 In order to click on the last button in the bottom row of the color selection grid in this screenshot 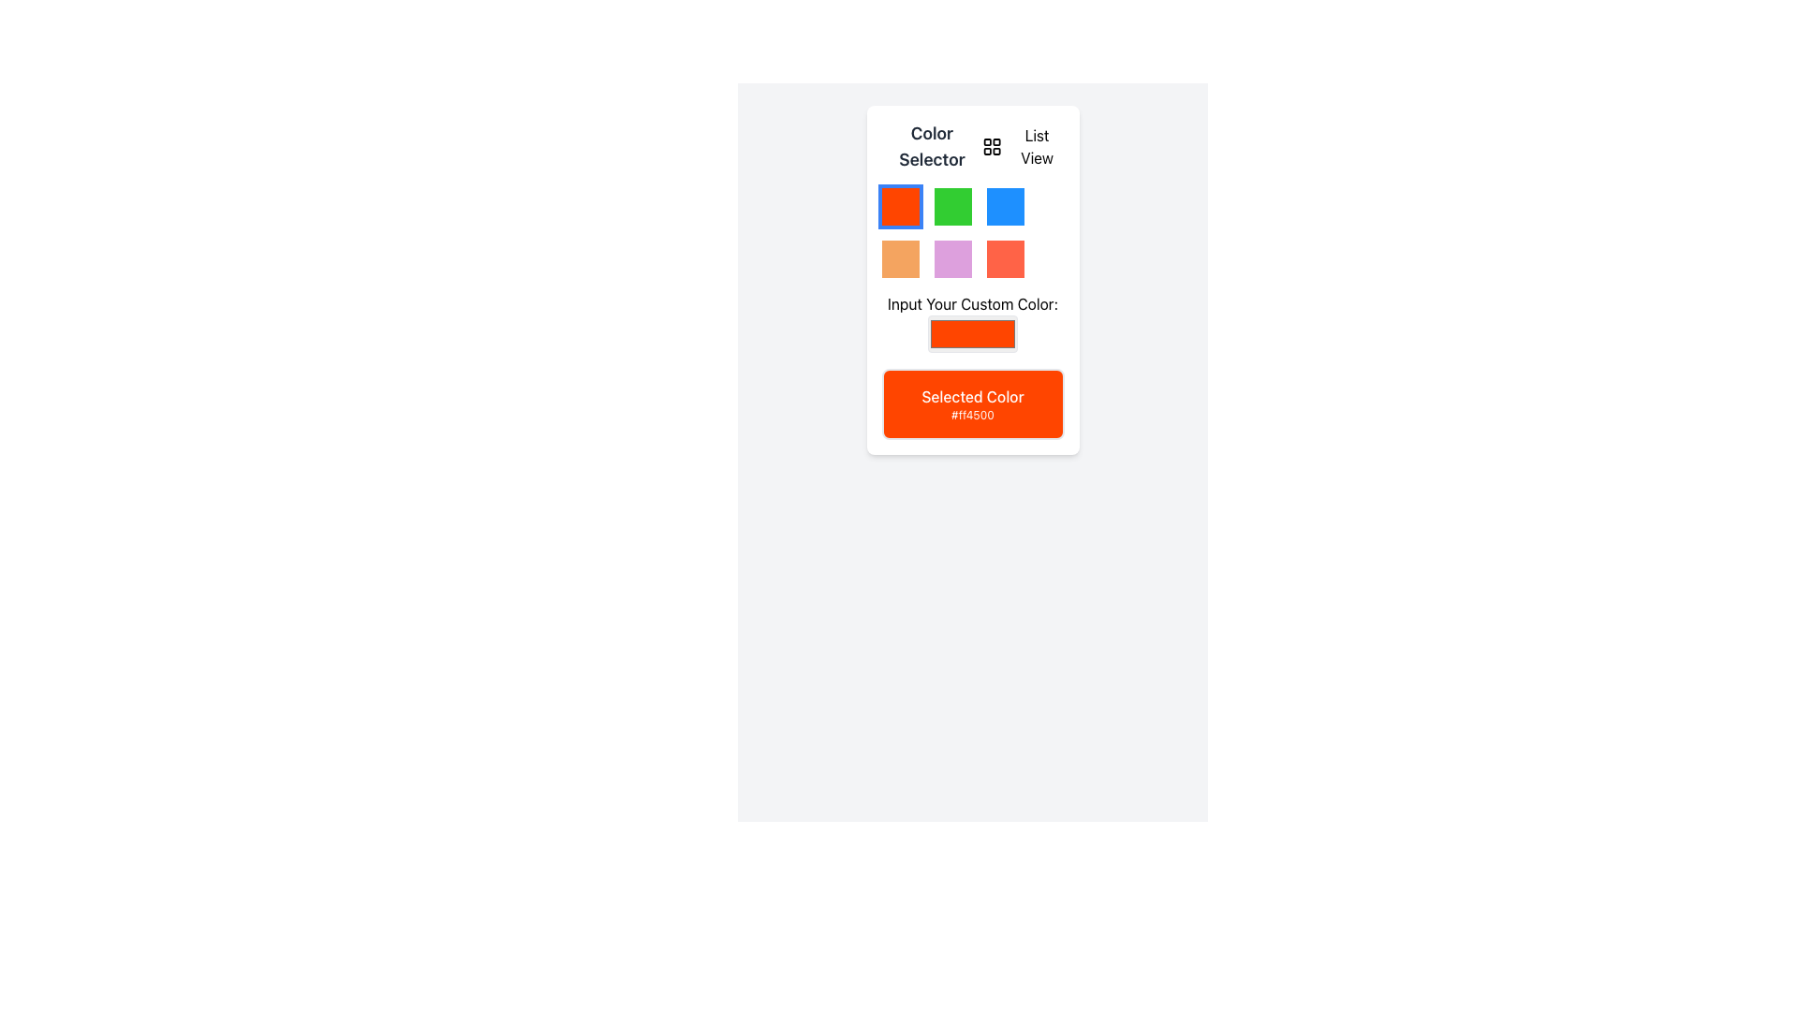, I will do `click(1004, 259)`.